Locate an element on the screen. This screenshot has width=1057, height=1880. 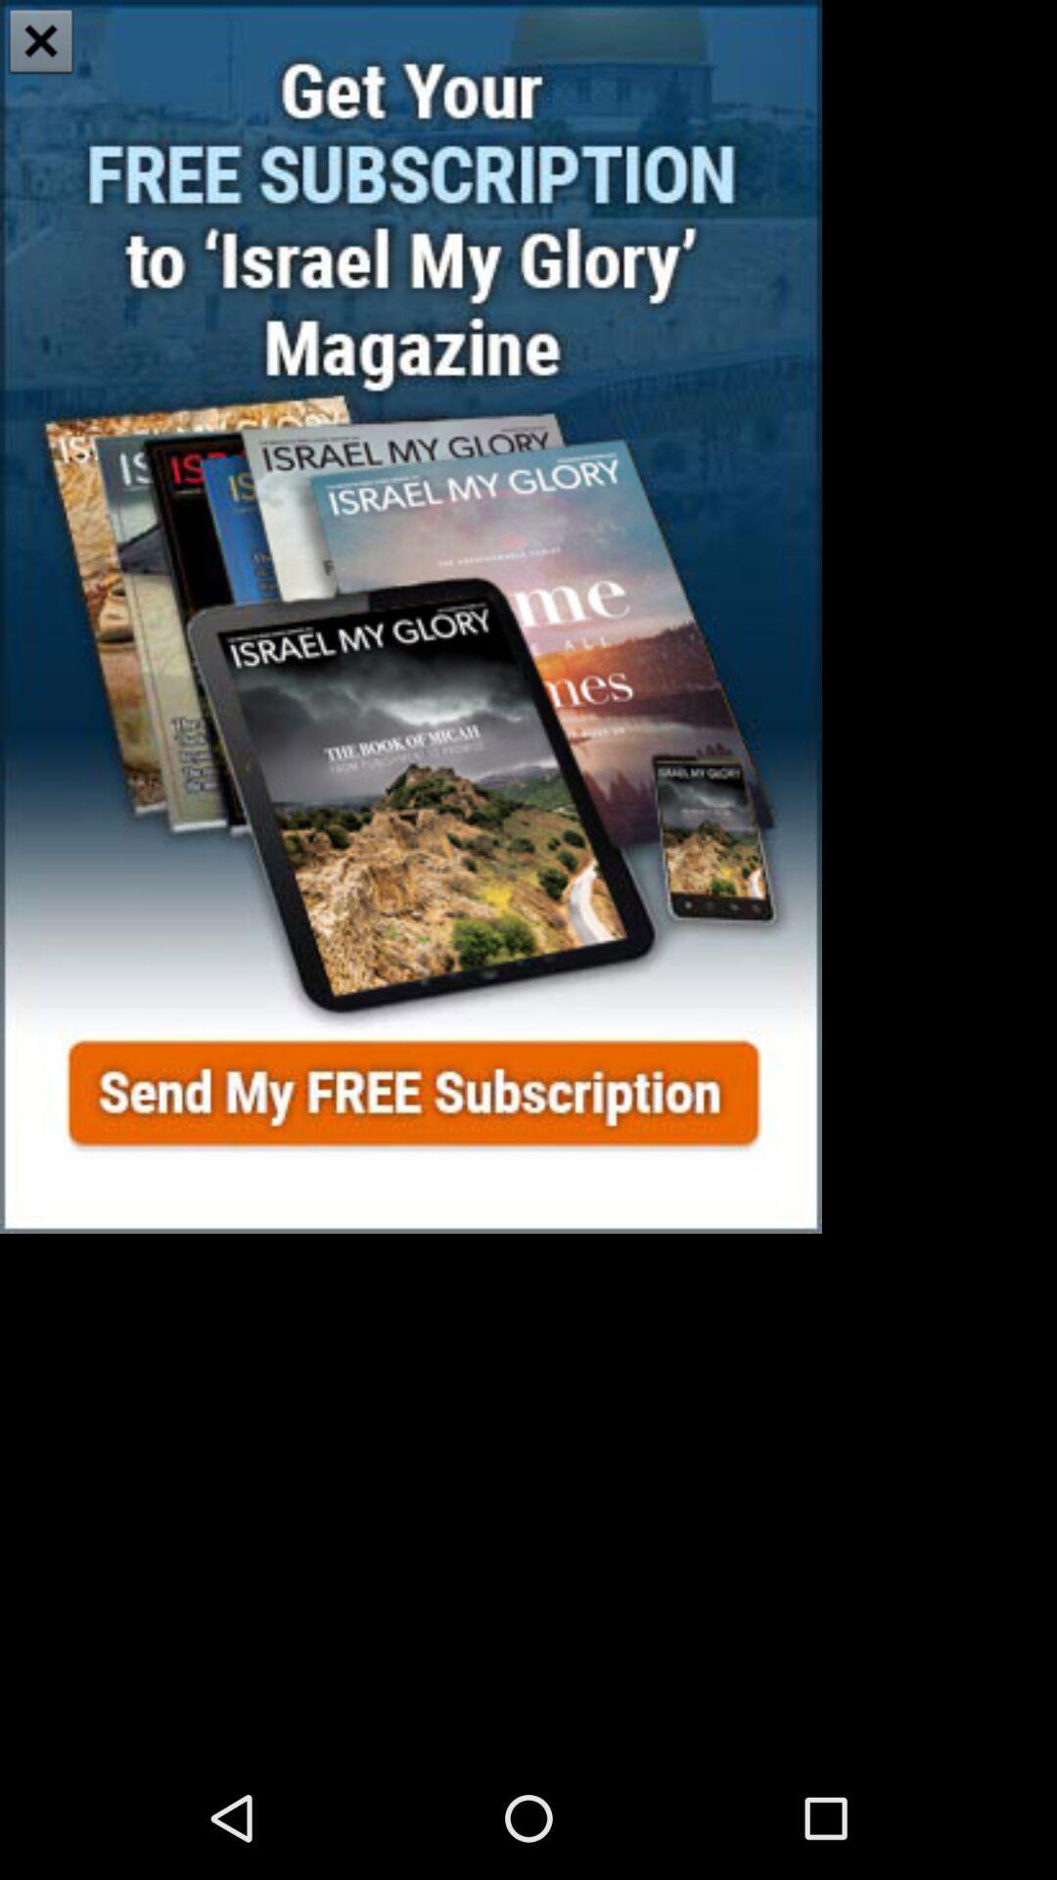
the close icon is located at coordinates (41, 43).